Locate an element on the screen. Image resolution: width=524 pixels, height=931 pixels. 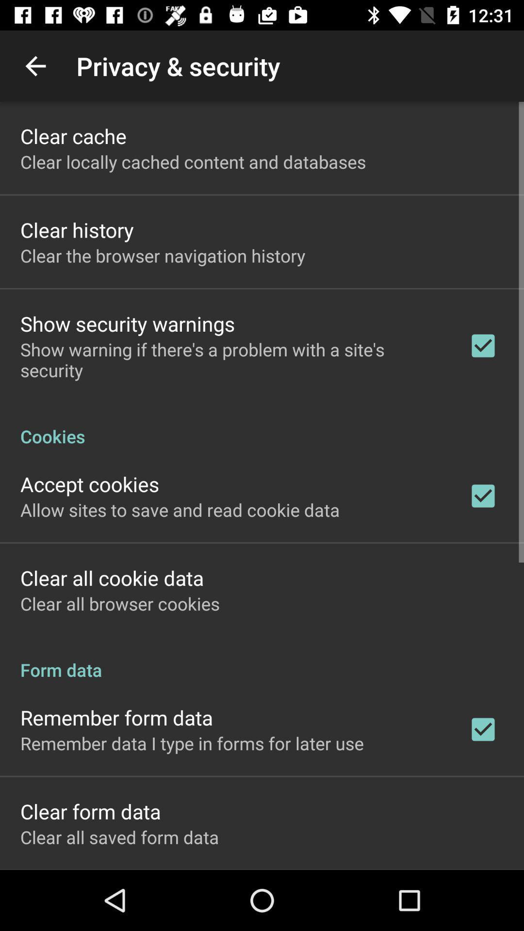
the app below the clear cache item is located at coordinates (193, 161).